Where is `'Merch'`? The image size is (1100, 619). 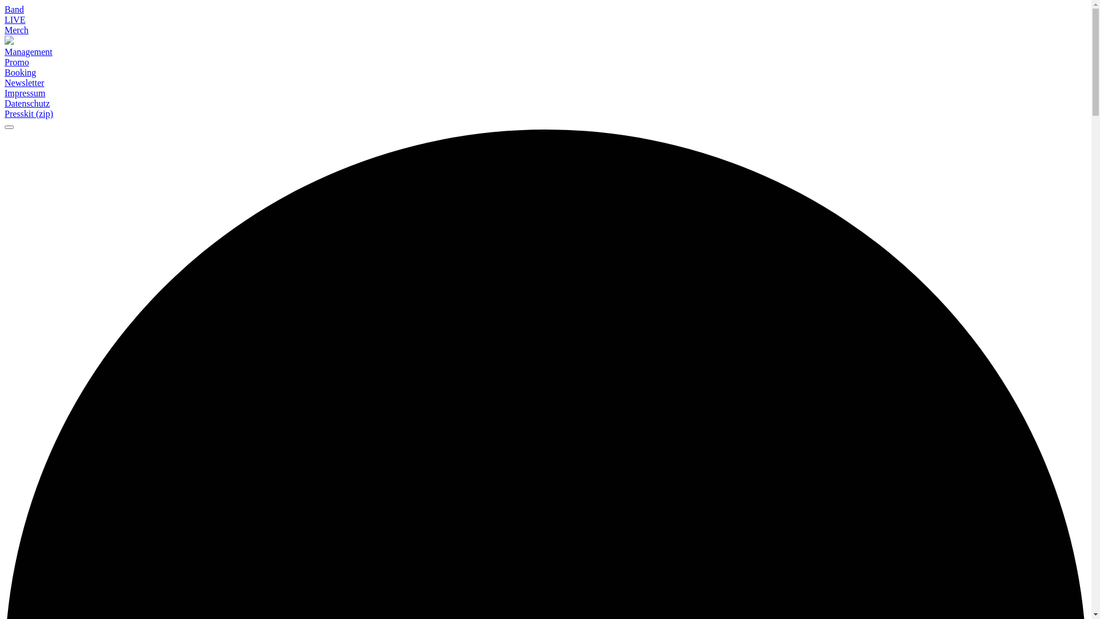 'Merch' is located at coordinates (16, 29).